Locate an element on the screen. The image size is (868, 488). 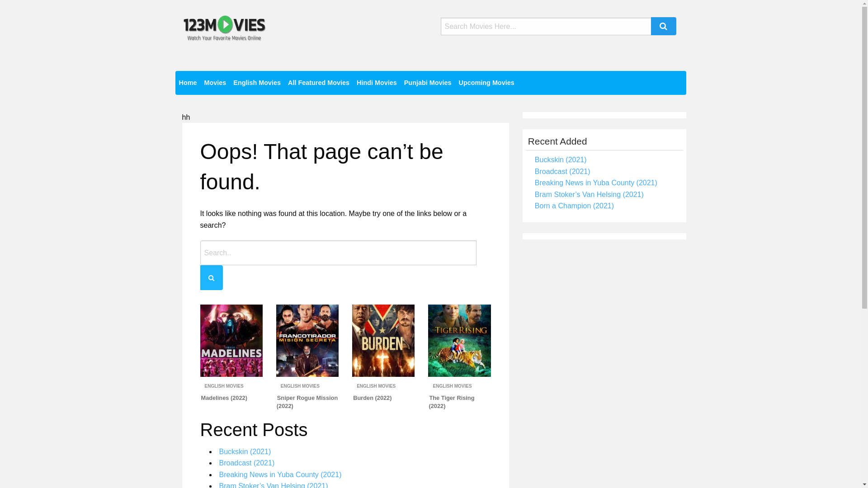
'Buckskin (2021)' is located at coordinates (245, 451).